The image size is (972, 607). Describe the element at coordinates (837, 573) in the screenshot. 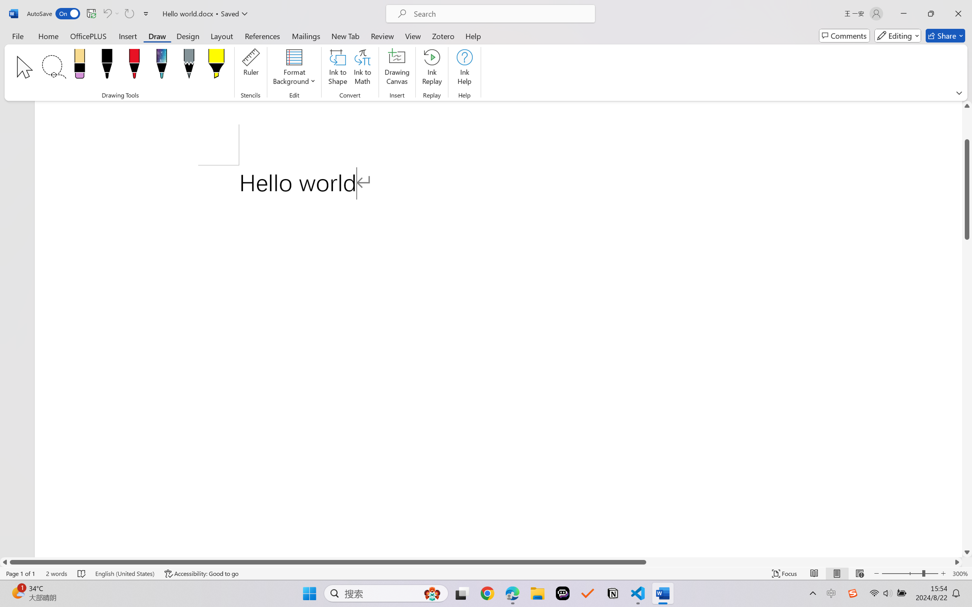

I see `'Print Layout'` at that location.